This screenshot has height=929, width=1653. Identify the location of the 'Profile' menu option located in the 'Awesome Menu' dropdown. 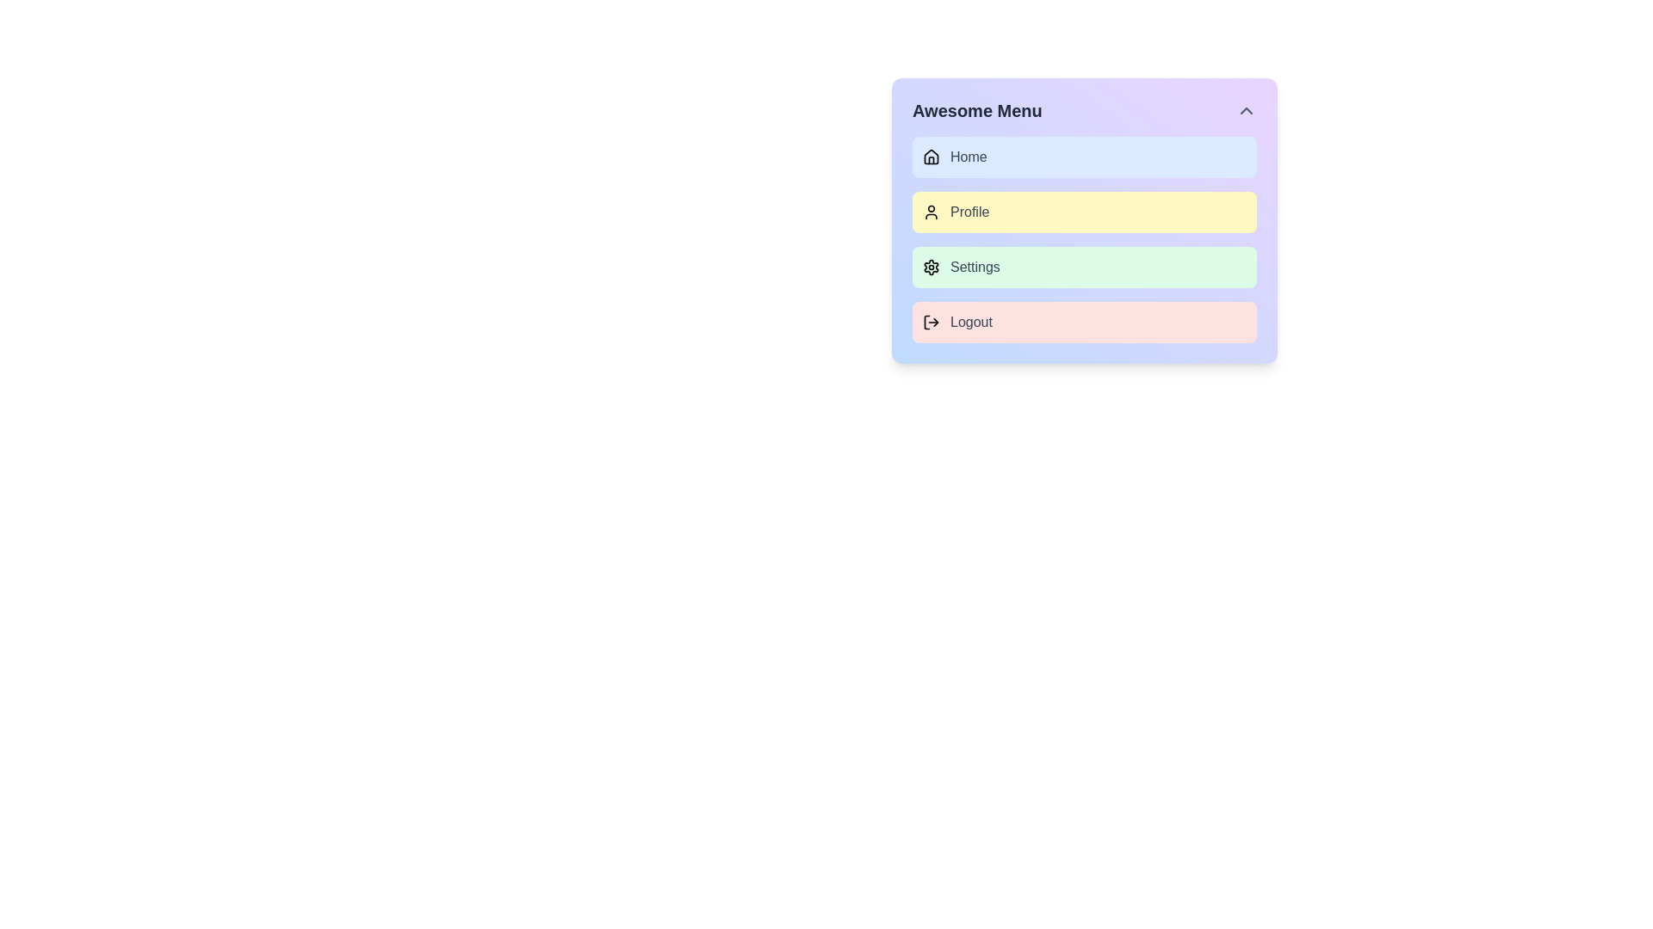
(1083, 239).